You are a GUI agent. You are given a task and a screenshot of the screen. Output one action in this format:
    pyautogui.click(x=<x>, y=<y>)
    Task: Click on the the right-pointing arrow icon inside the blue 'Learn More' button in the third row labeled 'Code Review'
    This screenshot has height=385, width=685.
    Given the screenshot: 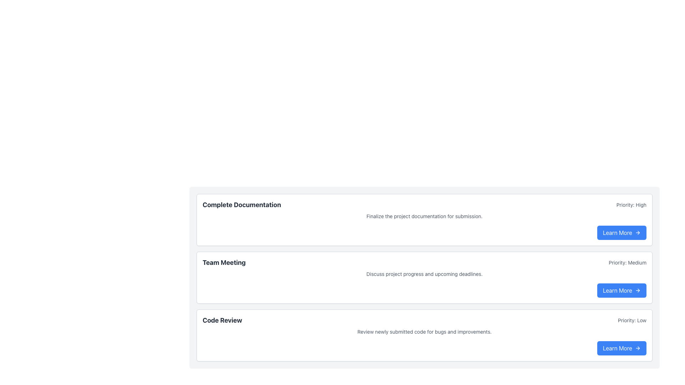 What is the action you would take?
    pyautogui.click(x=639, y=348)
    